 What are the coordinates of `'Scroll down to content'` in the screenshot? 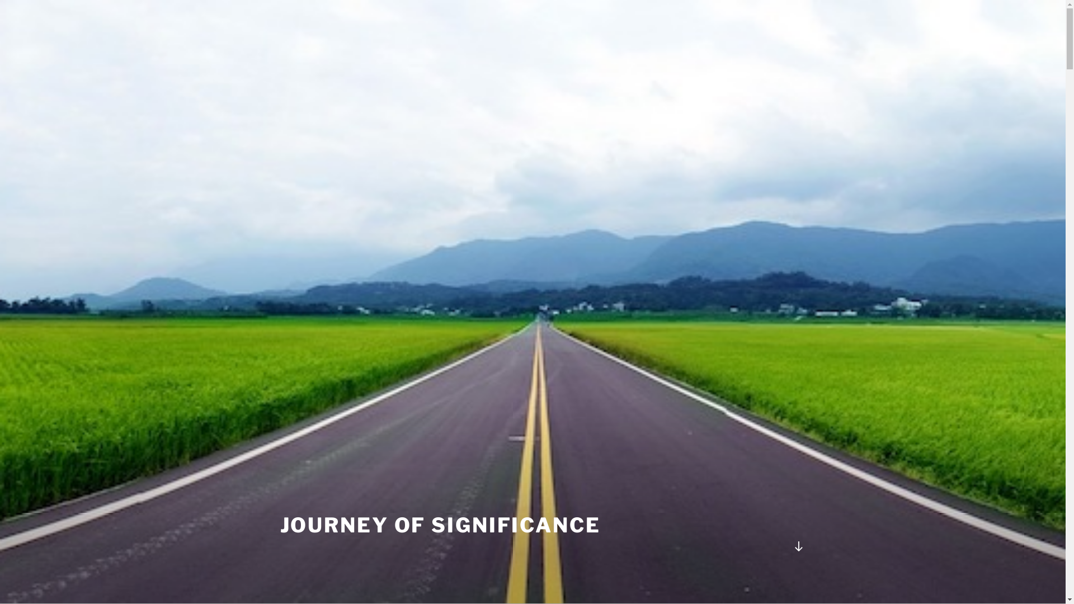 It's located at (797, 545).